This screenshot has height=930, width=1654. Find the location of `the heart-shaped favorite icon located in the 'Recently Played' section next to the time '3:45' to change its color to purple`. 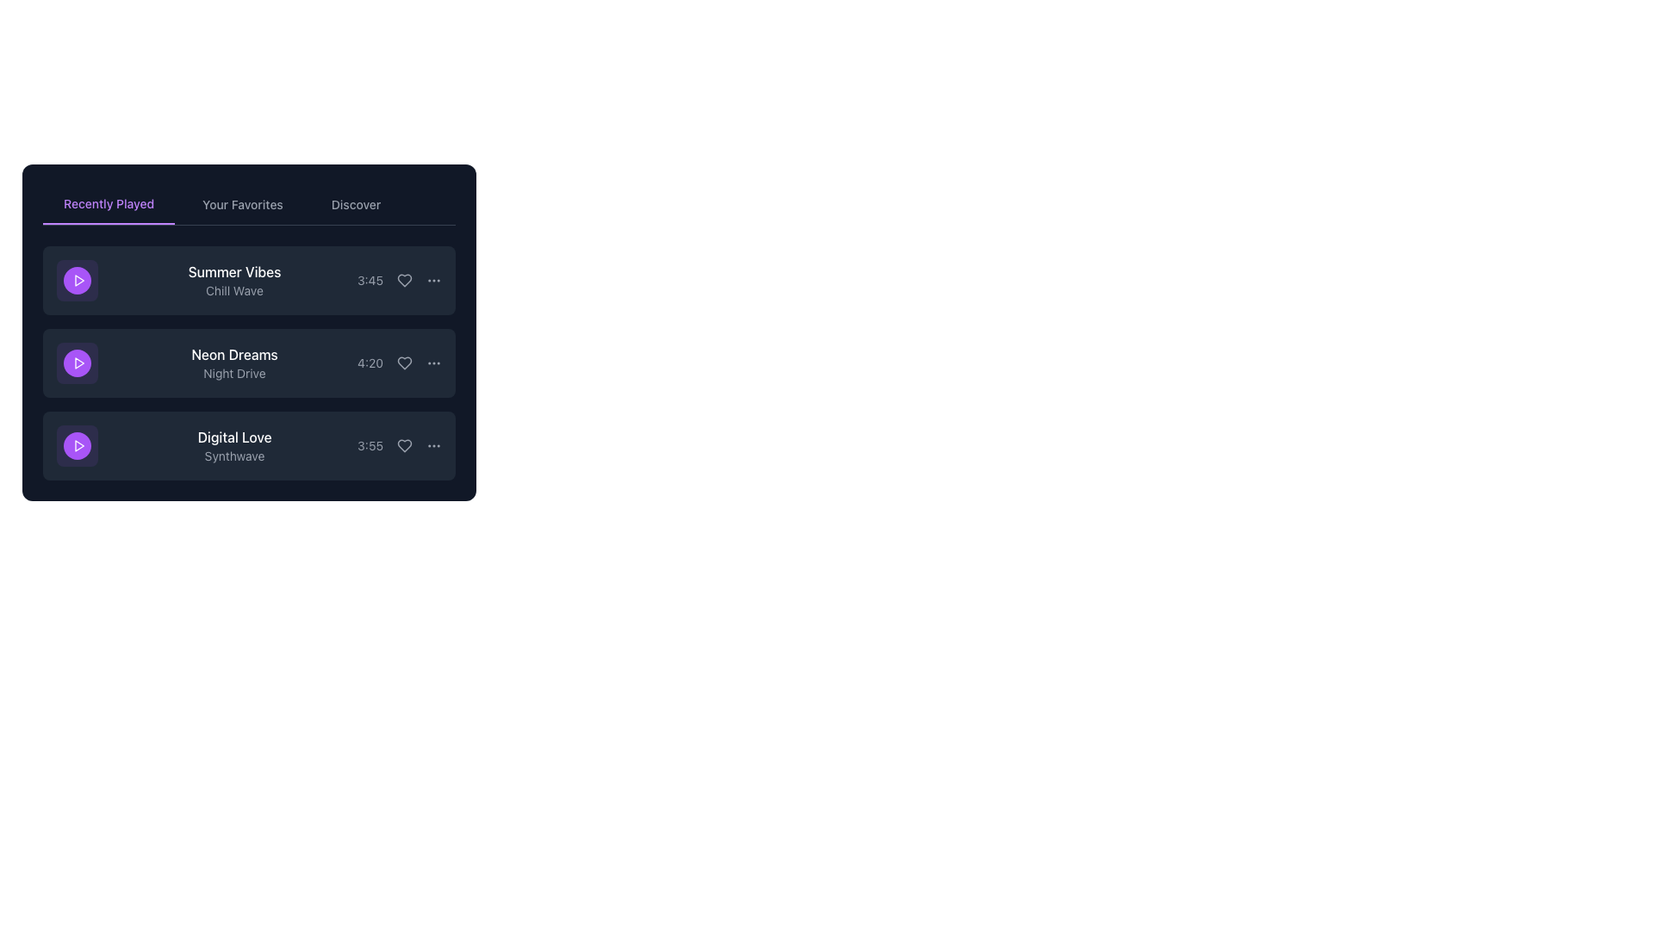

the heart-shaped favorite icon located in the 'Recently Played' section next to the time '3:45' to change its color to purple is located at coordinates (404, 280).